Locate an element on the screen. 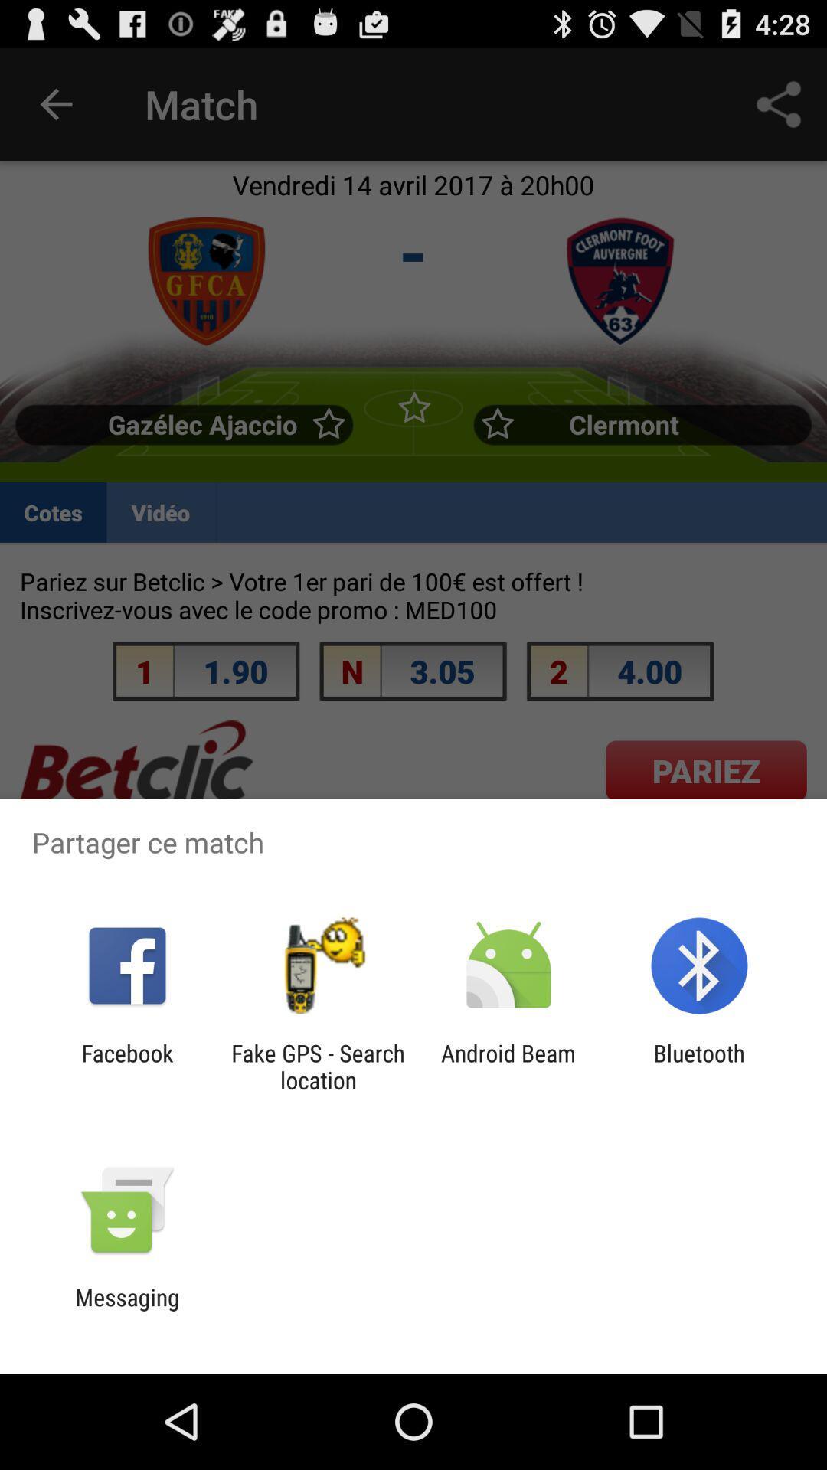 This screenshot has width=827, height=1470. messaging is located at coordinates (126, 1310).